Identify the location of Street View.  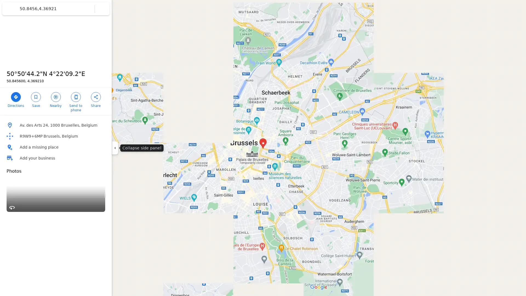
(56, 195).